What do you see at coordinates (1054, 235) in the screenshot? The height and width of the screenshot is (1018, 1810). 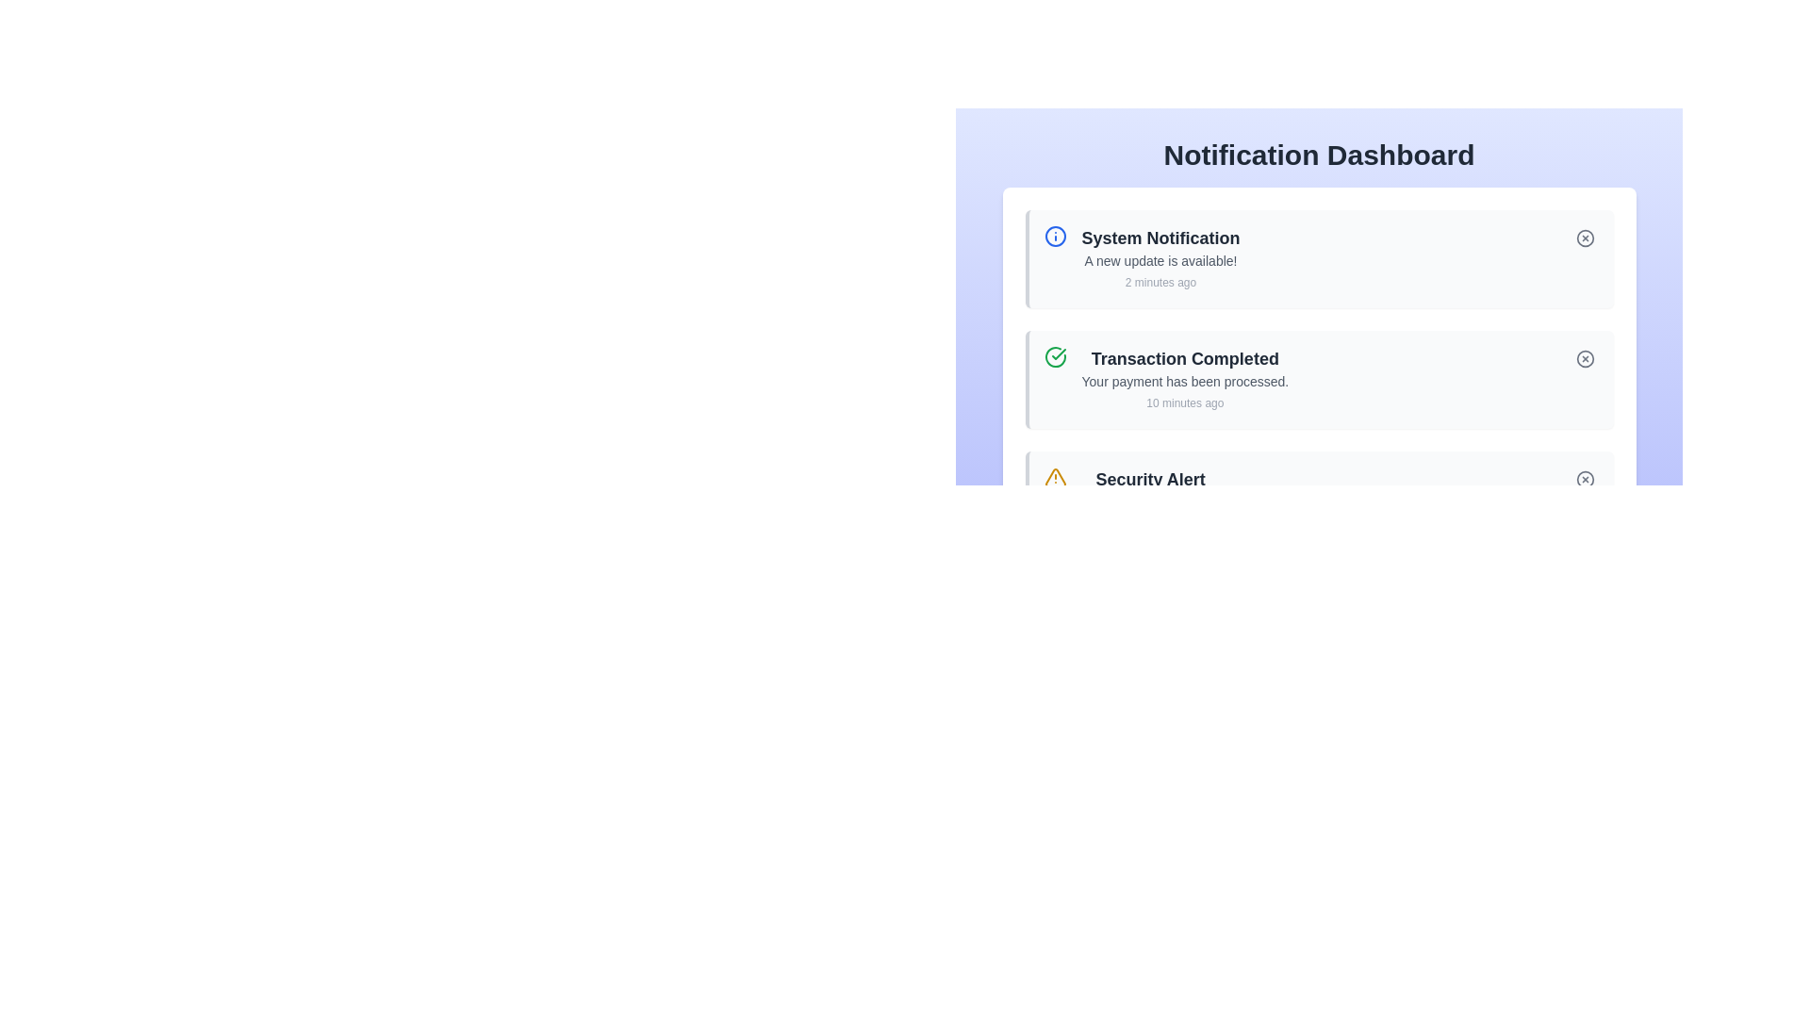 I see `the informational notification icon located at the top-left corner of the 'System Notification' card in the notification list` at bounding box center [1054, 235].